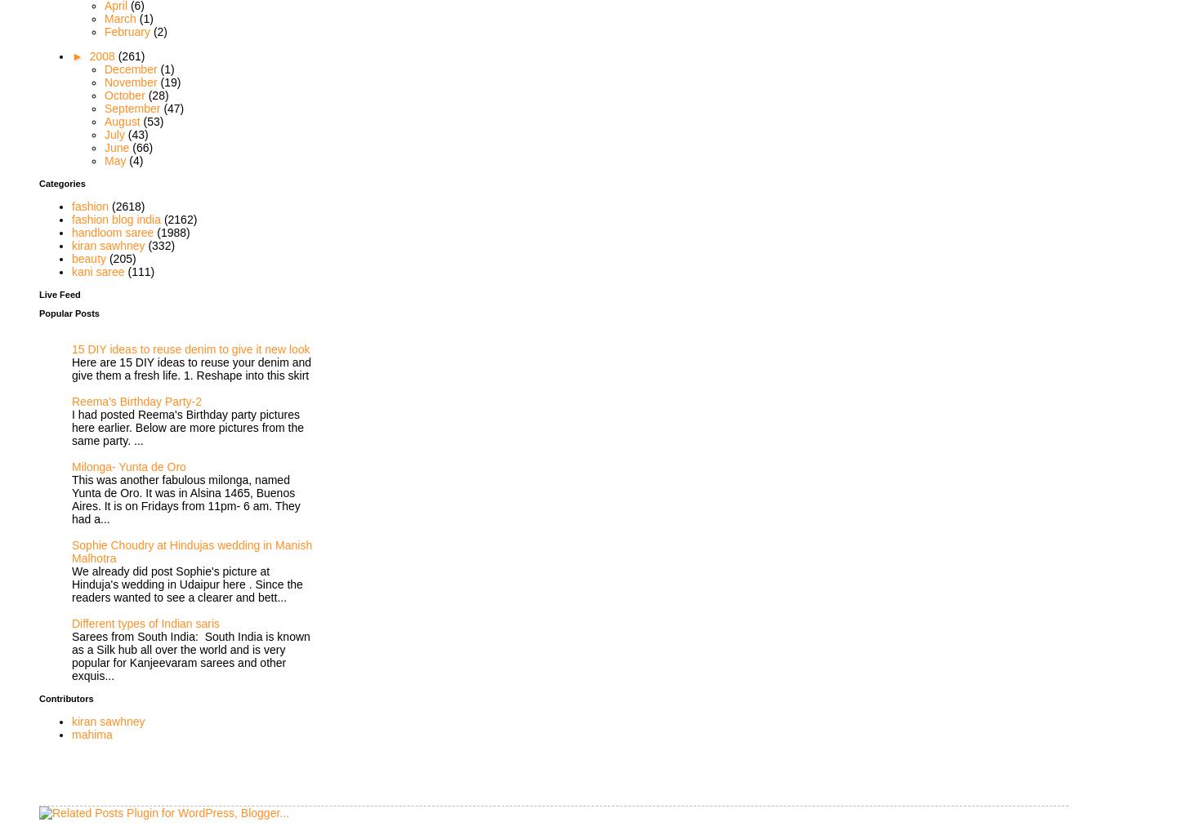 The image size is (1183, 831). What do you see at coordinates (120, 16) in the screenshot?
I see `'March'` at bounding box center [120, 16].